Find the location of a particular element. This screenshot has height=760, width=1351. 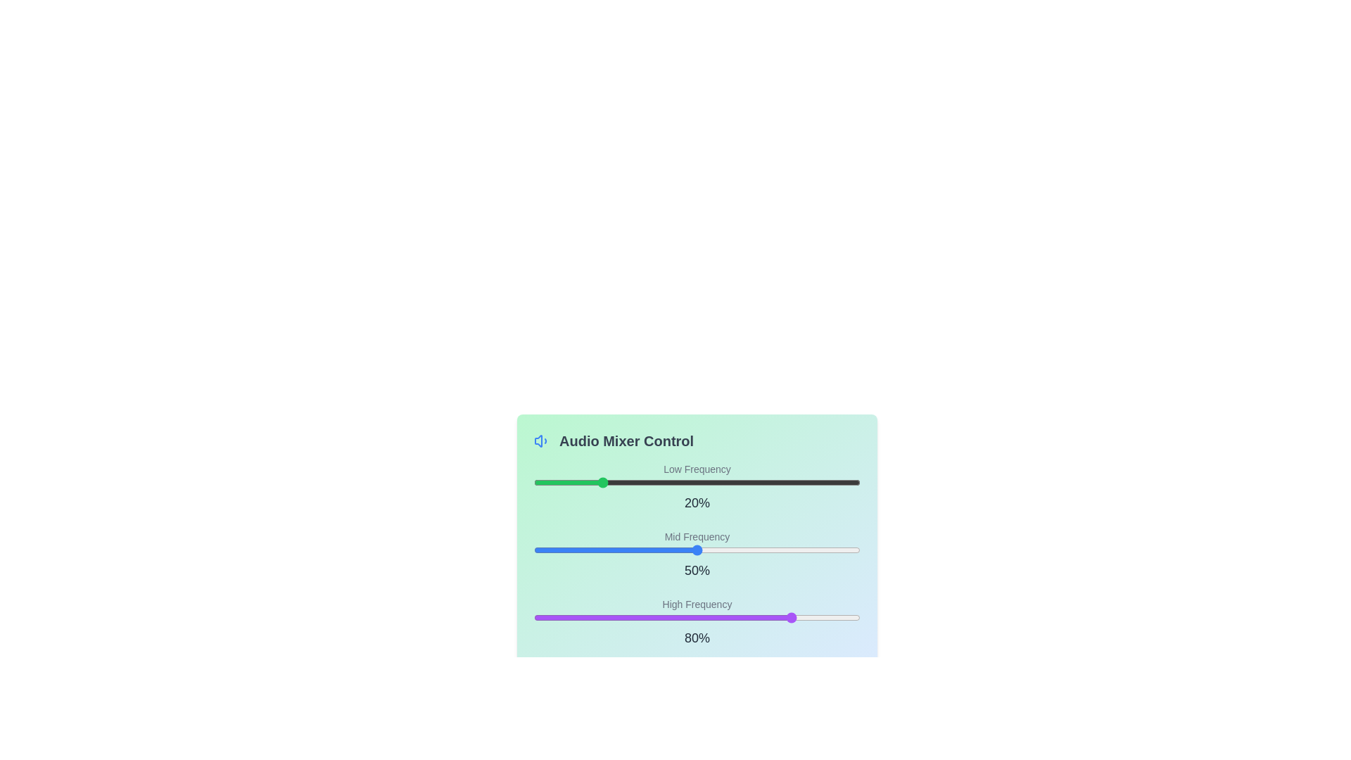

the 'High Frequency' slider is located at coordinates (768, 617).